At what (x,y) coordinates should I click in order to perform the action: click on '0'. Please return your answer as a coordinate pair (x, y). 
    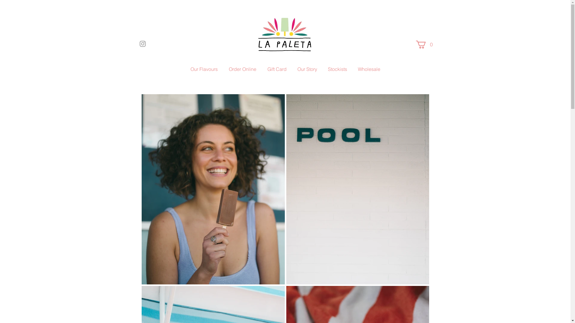
    Looking at the image, I should click on (425, 44).